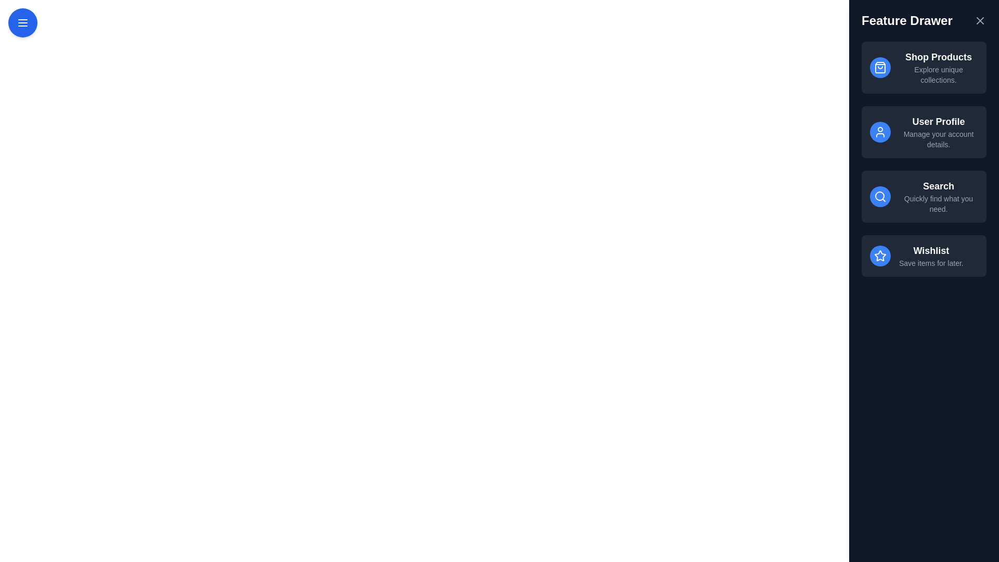  I want to click on the feature item User Profile to highlight it, so click(924, 132).